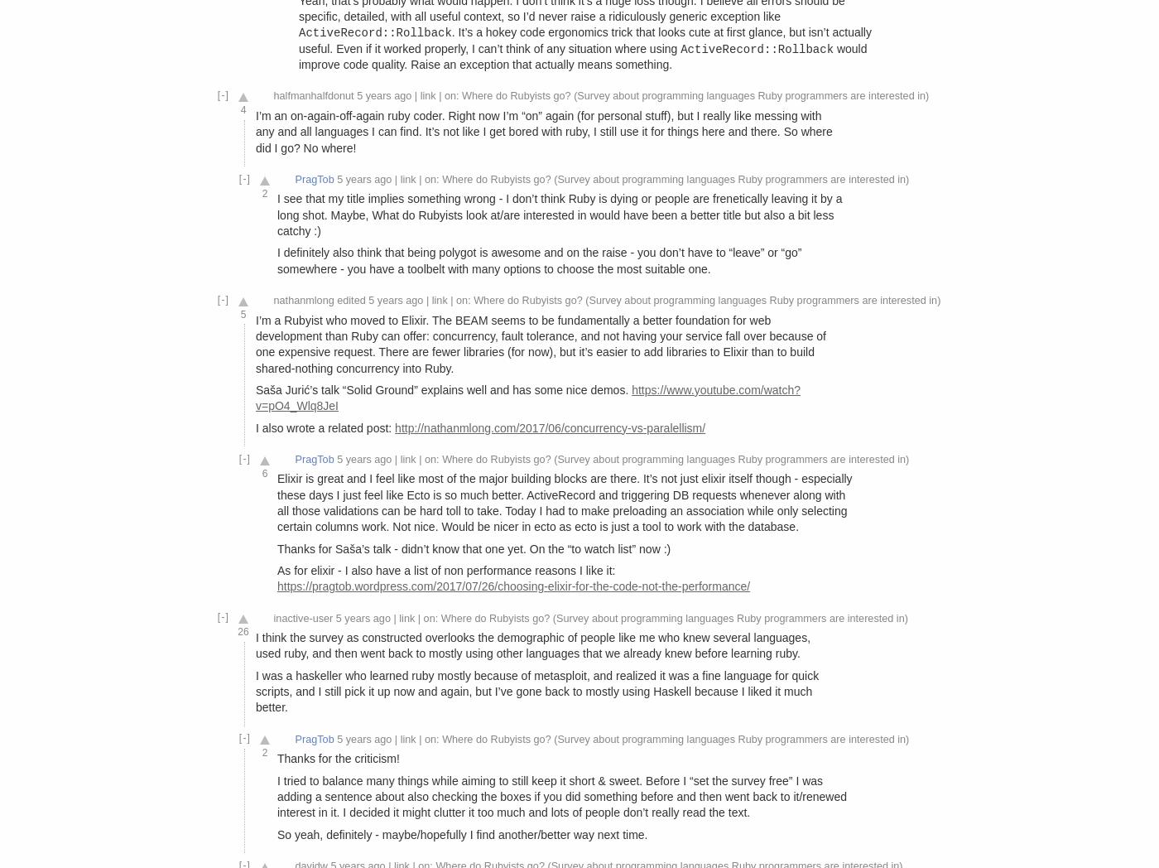  I want to click on 'I also wrote a related post:', so click(325, 427).